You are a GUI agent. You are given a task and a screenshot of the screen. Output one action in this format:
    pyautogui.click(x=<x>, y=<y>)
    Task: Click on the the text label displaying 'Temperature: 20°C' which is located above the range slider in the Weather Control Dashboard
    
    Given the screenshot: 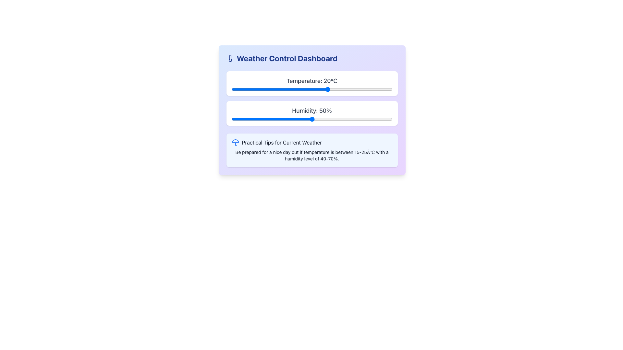 What is the action you would take?
    pyautogui.click(x=312, y=81)
    